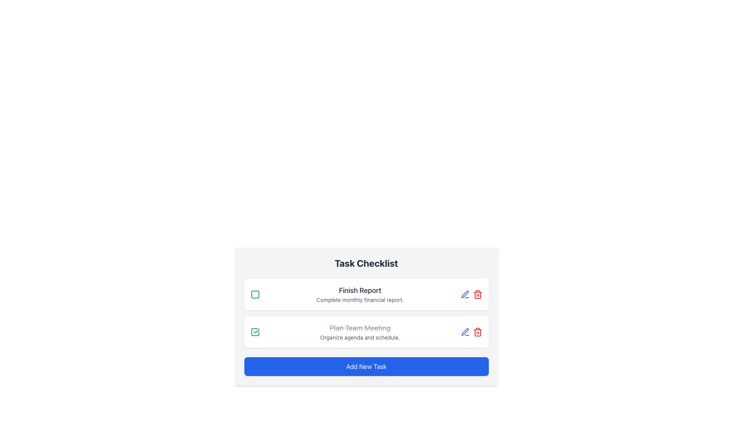 The height and width of the screenshot is (423, 752). Describe the element at coordinates (465, 332) in the screenshot. I see `the first icon button next to the 'Finish Report' task in the task checklist` at that location.